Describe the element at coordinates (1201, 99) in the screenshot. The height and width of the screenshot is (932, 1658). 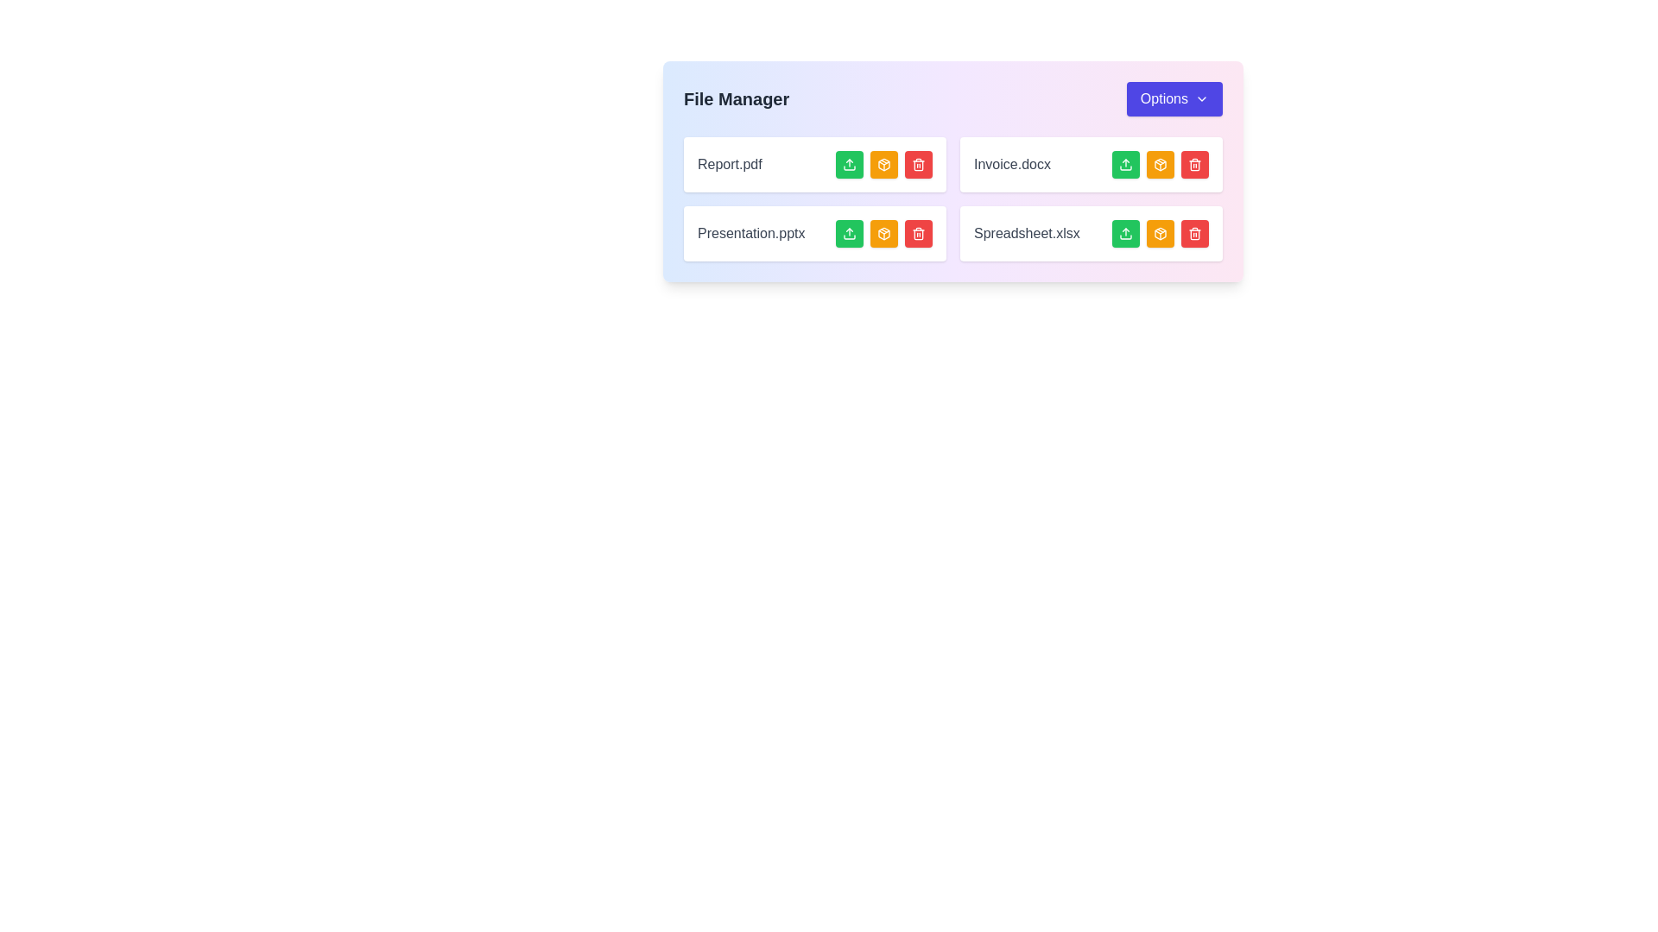
I see `the downward-pointing chevron icon located at the right-hand side of the 'Options' button` at that location.